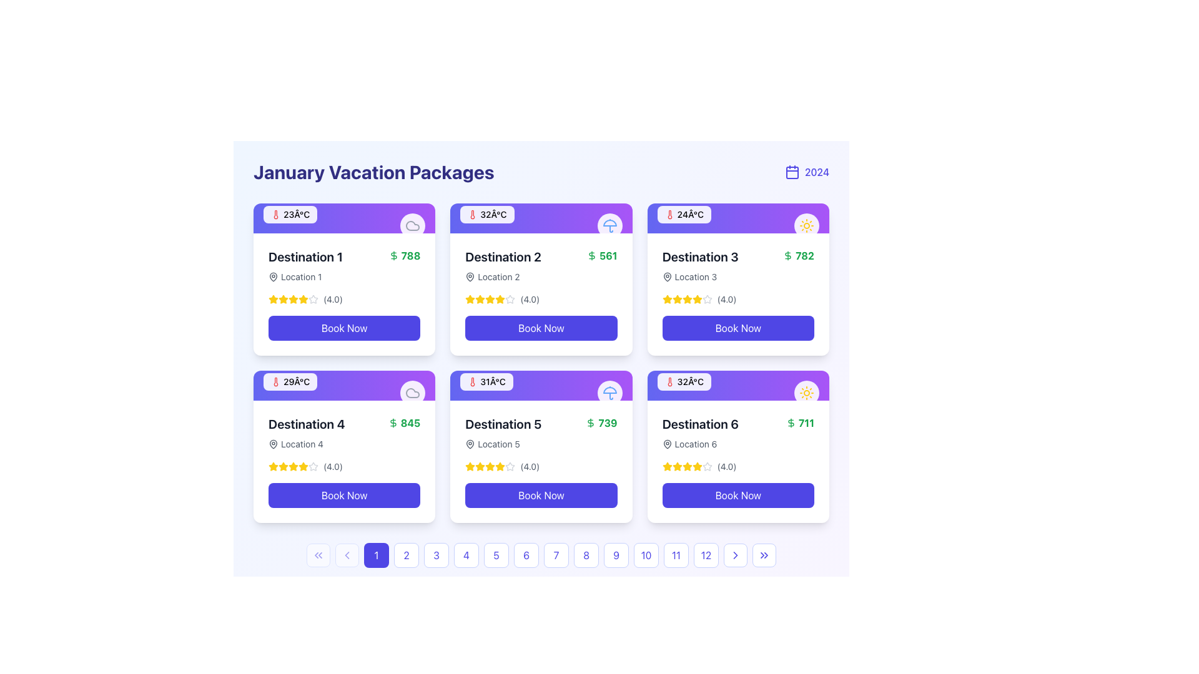 This screenshot has height=674, width=1199. Describe the element at coordinates (503, 432) in the screenshot. I see `the non-interactive Text element that provides information about a vacation destination, located in the bottom row, middle column of the grid layout` at that location.